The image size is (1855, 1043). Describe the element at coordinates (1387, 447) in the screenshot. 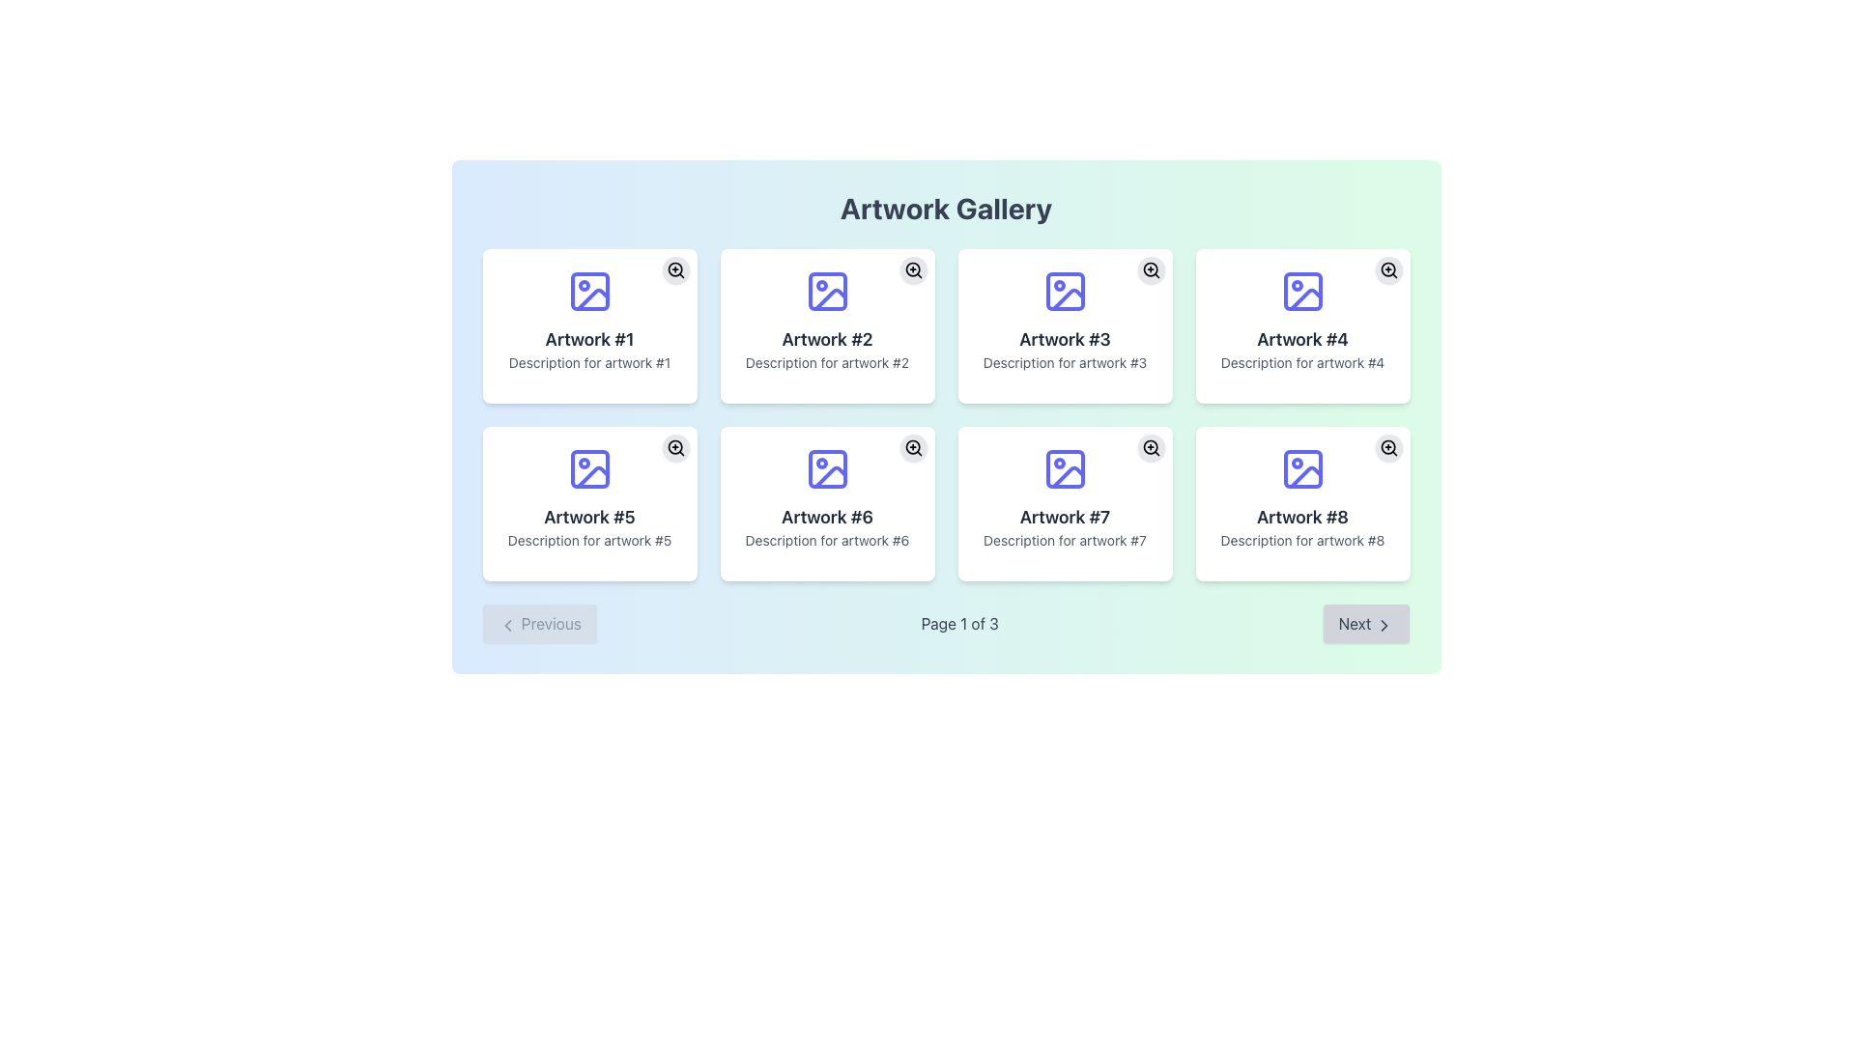

I see `the button located in the bottom-right corner of the 'Artwork #8' card to zoom into the artwork` at that location.